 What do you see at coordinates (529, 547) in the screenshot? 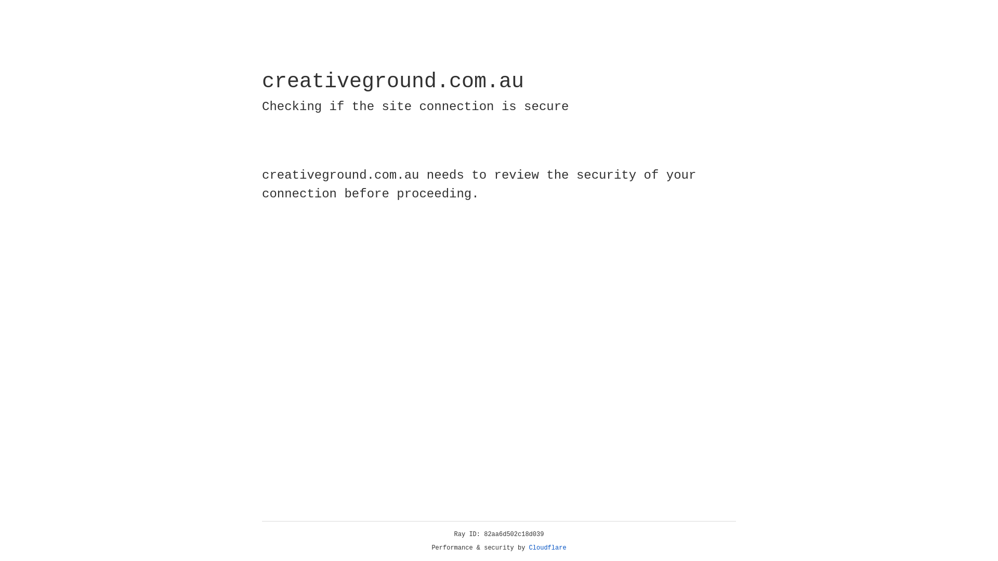
I see `'Cloudflare'` at bounding box center [529, 547].